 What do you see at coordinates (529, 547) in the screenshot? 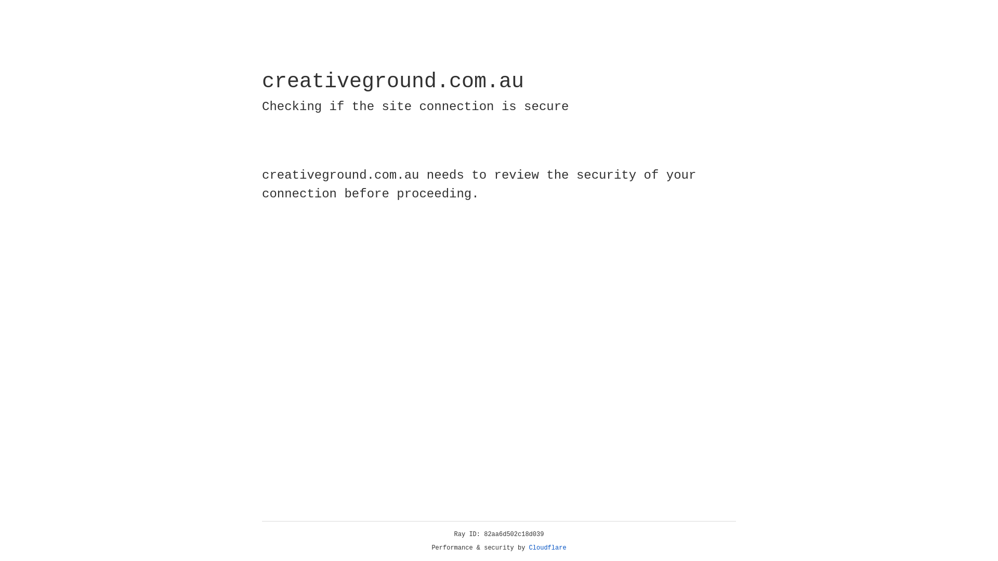
I see `'Cloudflare'` at bounding box center [529, 547].